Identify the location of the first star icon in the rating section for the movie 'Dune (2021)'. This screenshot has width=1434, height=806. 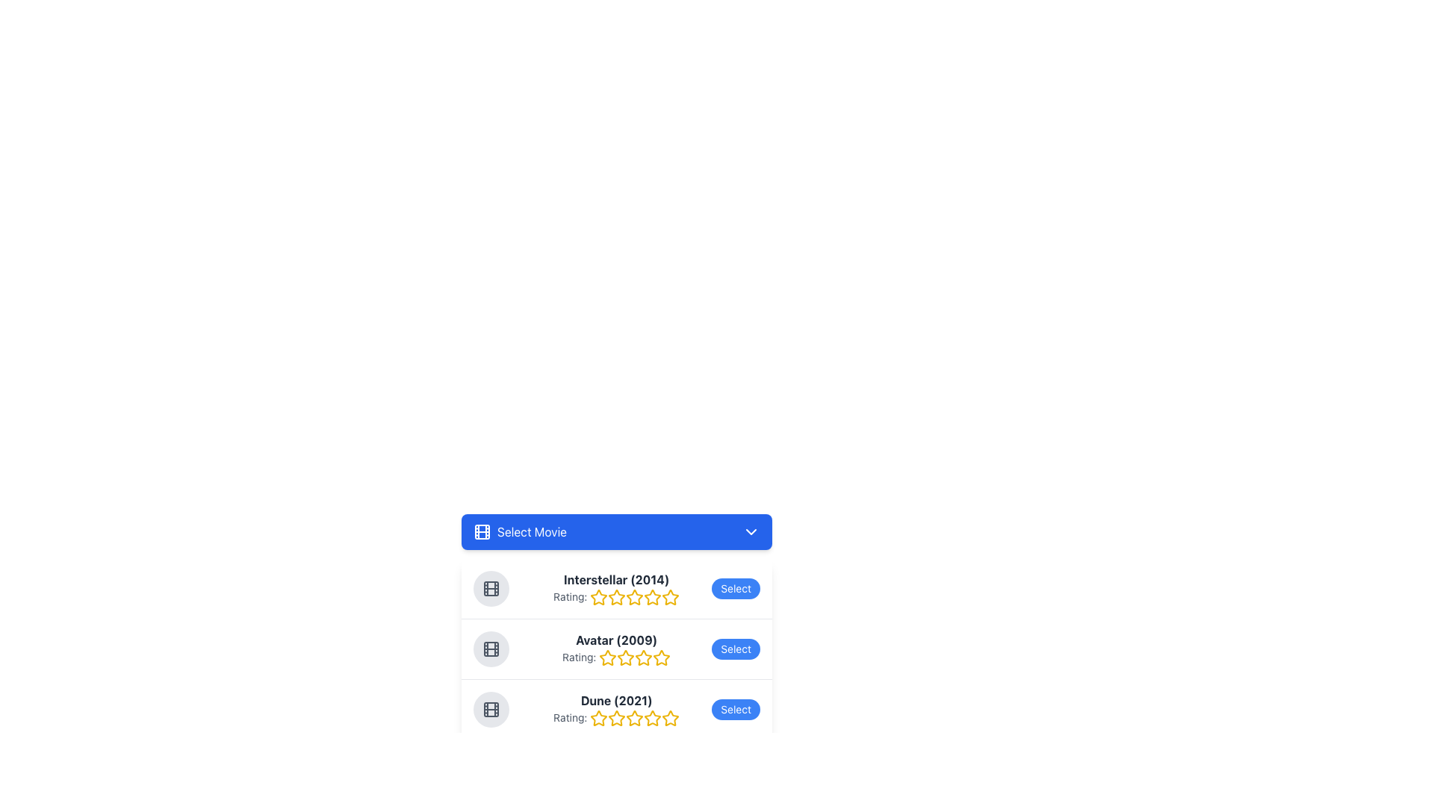
(598, 716).